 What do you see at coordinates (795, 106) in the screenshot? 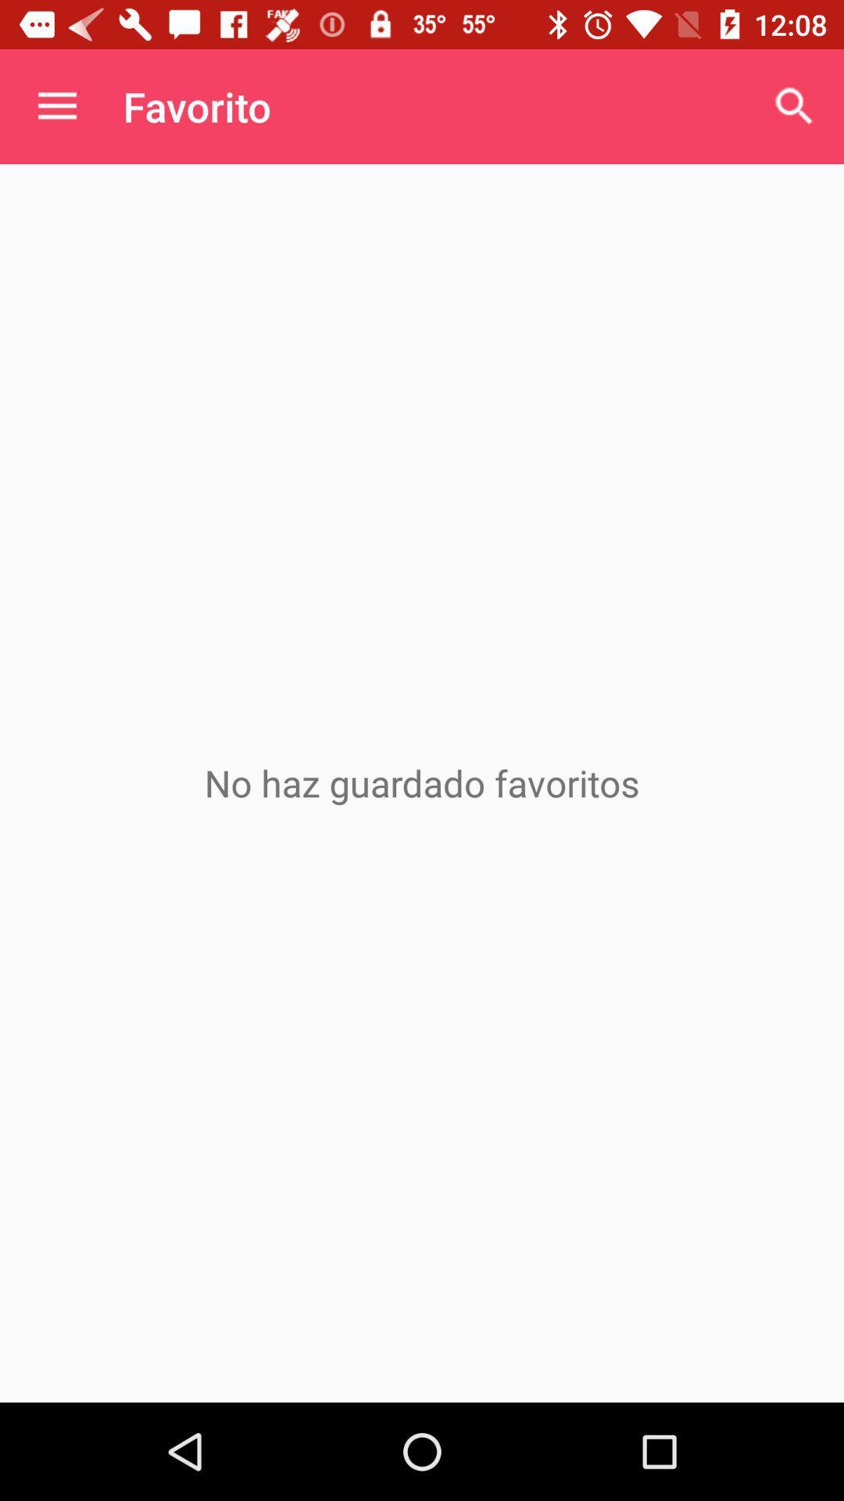
I see `item to the right of the favorito` at bounding box center [795, 106].